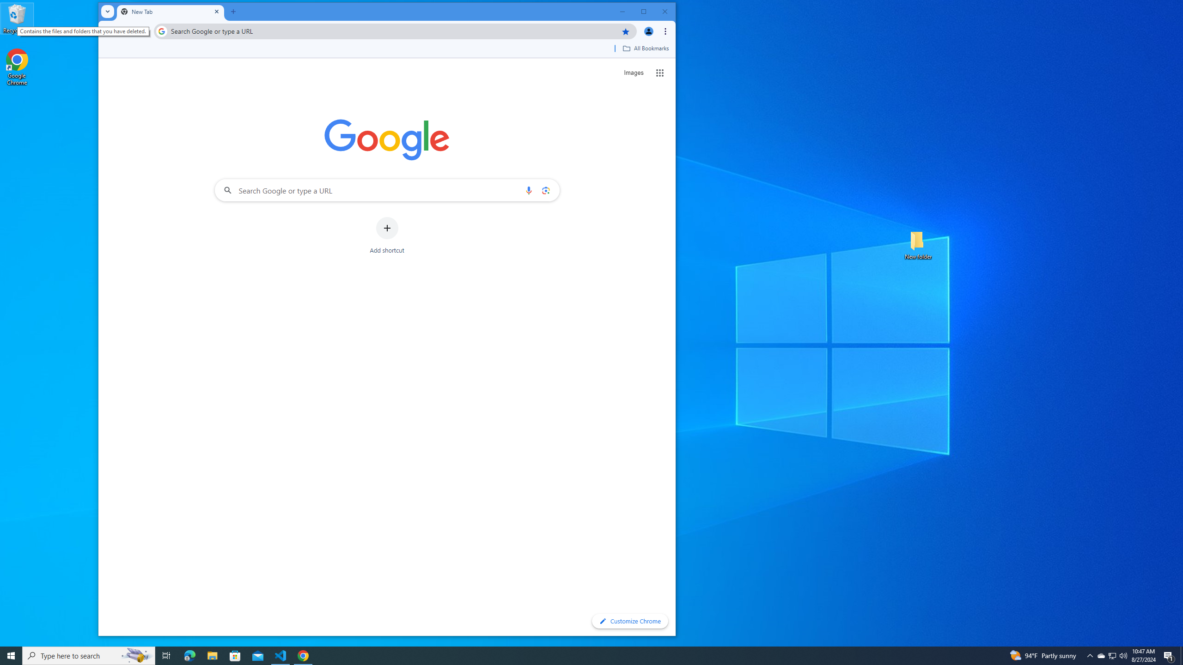 The image size is (1183, 665). Describe the element at coordinates (918, 244) in the screenshot. I see `'New folder'` at that location.